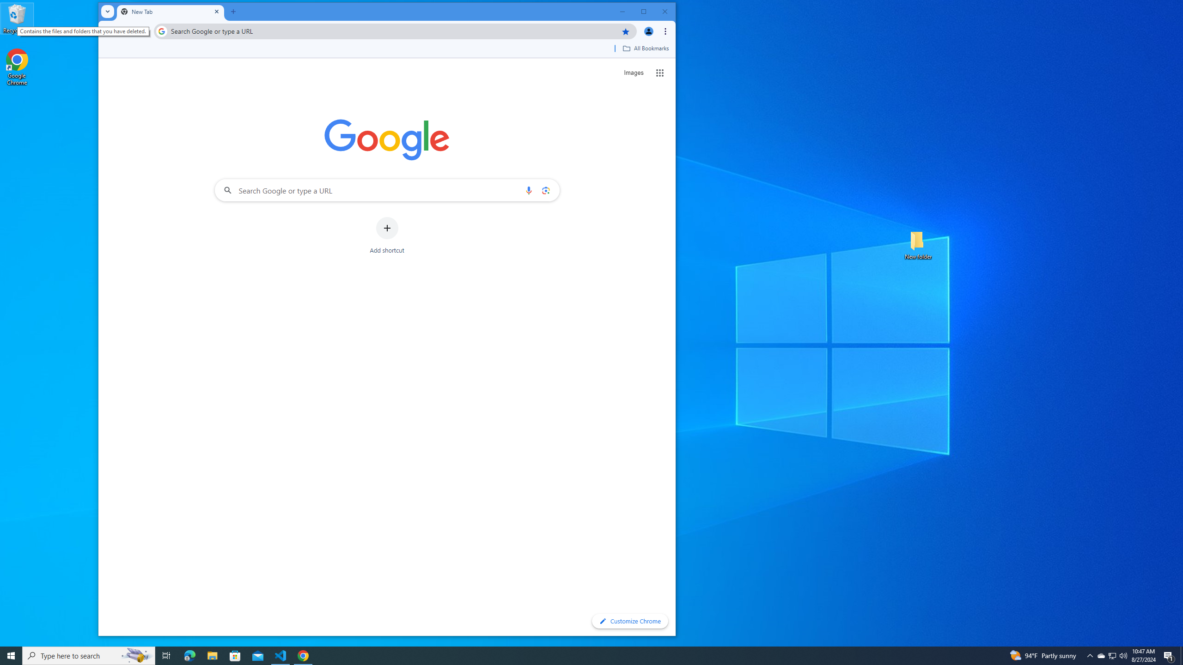 The image size is (1183, 665). Describe the element at coordinates (918, 244) in the screenshot. I see `'New folder'` at that location.